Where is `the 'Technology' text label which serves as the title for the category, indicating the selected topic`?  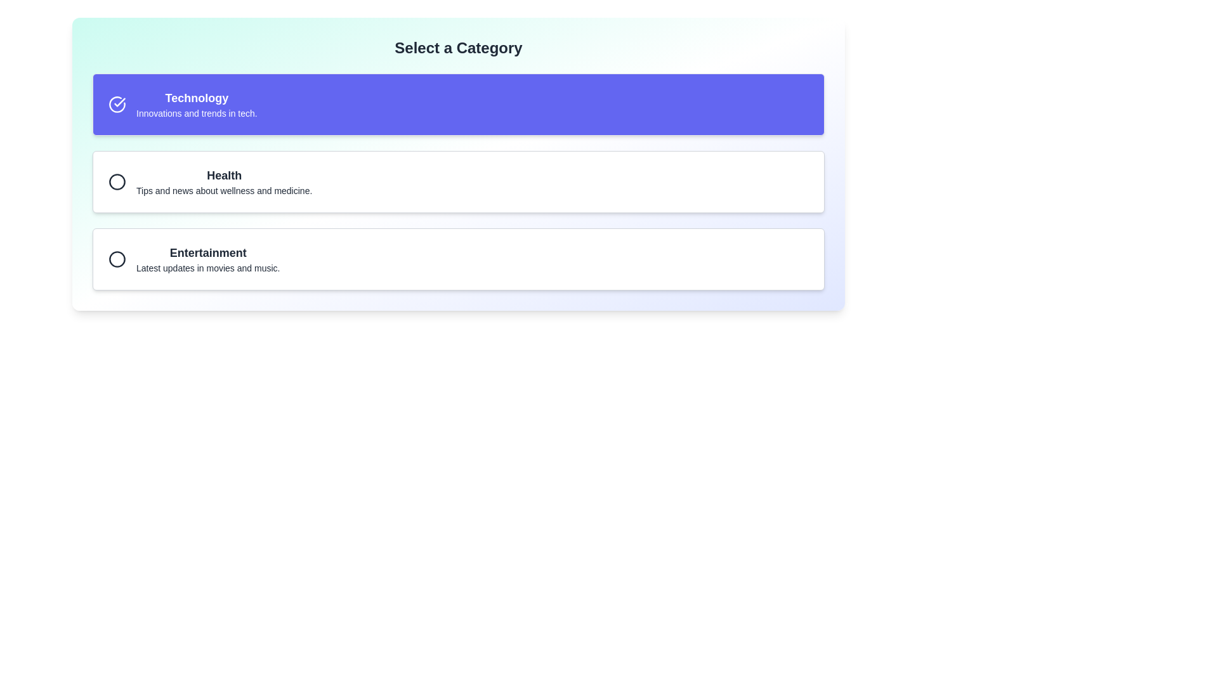 the 'Technology' text label which serves as the title for the category, indicating the selected topic is located at coordinates (196, 97).